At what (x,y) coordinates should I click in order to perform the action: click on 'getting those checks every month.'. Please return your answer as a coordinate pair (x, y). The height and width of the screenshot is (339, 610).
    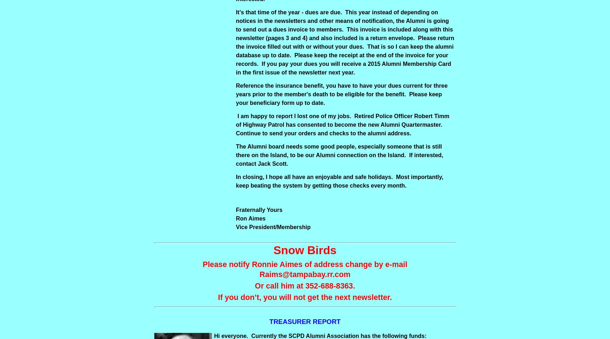
    Looking at the image, I should click on (359, 185).